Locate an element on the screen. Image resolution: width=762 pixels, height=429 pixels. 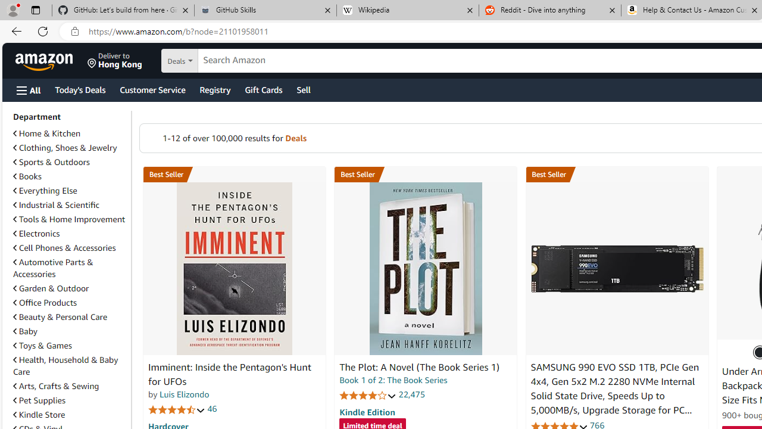
'Beauty & Personal Care' is located at coordinates (60, 316).